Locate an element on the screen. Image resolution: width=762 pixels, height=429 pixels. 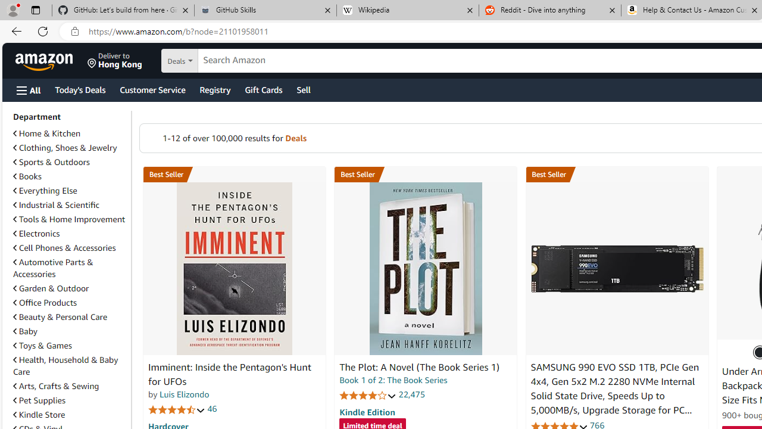
'Beauty & Personal Care' is located at coordinates (60, 316).